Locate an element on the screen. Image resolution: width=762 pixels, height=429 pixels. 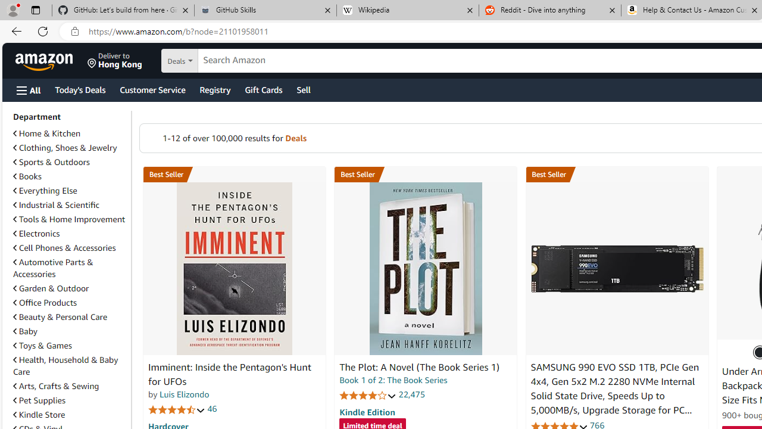
'Beauty & Personal Care' is located at coordinates (60, 316).